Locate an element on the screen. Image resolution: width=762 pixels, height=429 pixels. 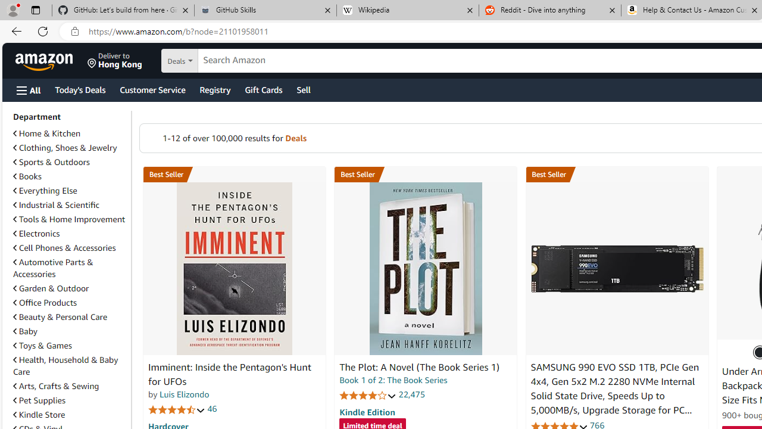
'Beauty & Personal Care' is located at coordinates (60, 316).